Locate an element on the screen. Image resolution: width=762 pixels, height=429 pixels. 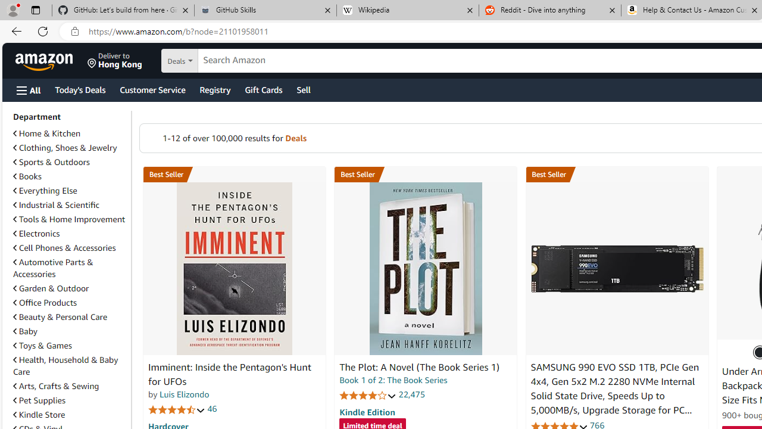
'Beauty & Personal Care' is located at coordinates (60, 316).